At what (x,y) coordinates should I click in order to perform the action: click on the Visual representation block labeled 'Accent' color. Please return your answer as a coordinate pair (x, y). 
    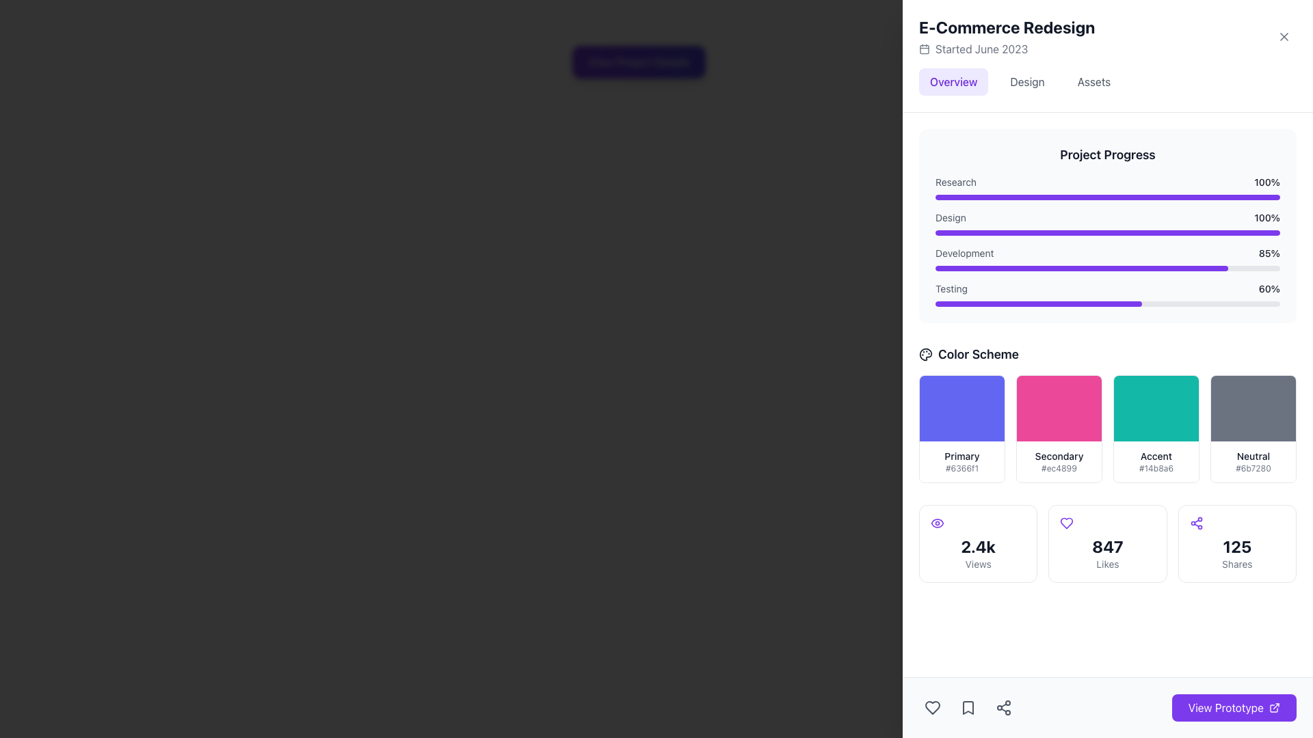
    Looking at the image, I should click on (1108, 428).